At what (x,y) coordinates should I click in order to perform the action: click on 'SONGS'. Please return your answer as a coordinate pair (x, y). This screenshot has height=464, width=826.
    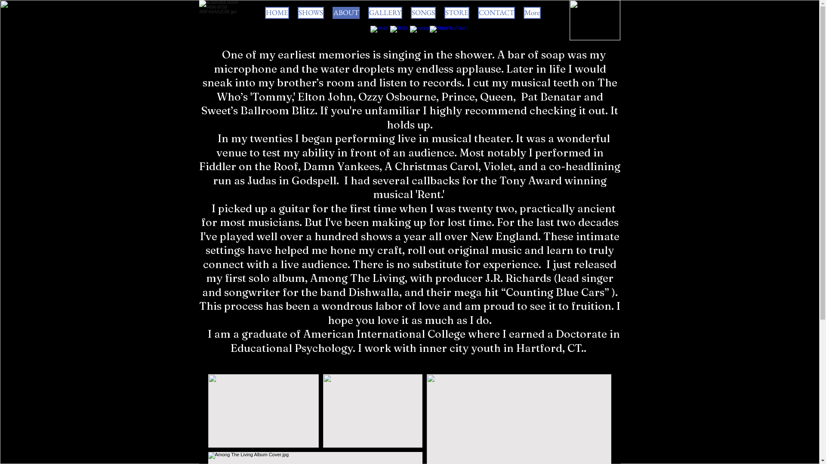
    Looking at the image, I should click on (423, 13).